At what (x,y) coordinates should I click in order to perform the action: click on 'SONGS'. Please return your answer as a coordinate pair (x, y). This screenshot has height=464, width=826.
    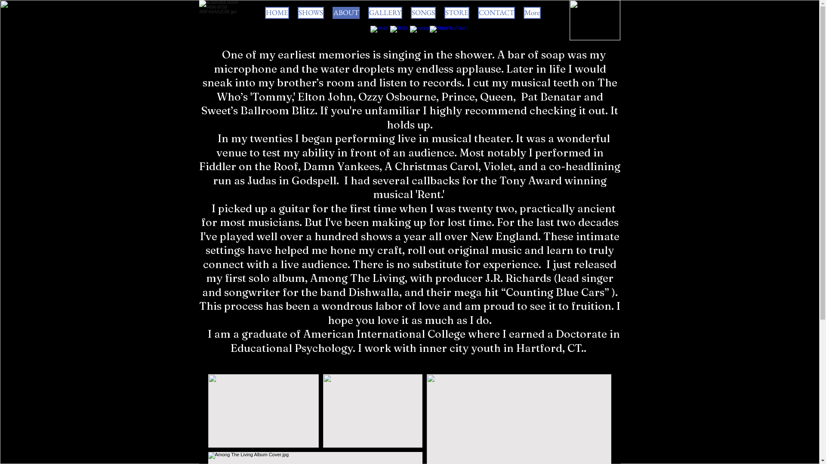
    Looking at the image, I should click on (423, 13).